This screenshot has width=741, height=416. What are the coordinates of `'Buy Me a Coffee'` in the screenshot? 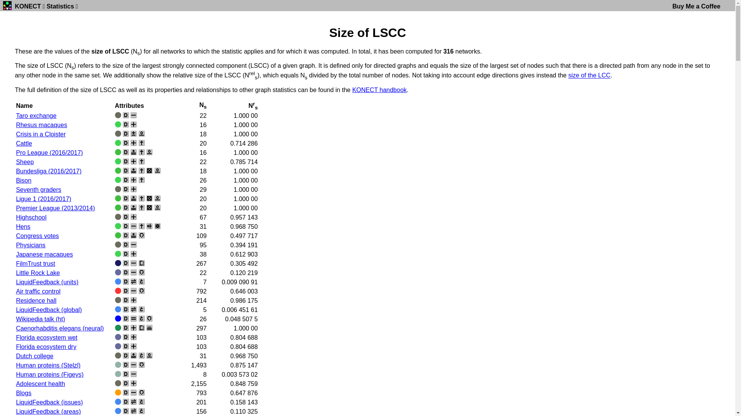 It's located at (696, 6).